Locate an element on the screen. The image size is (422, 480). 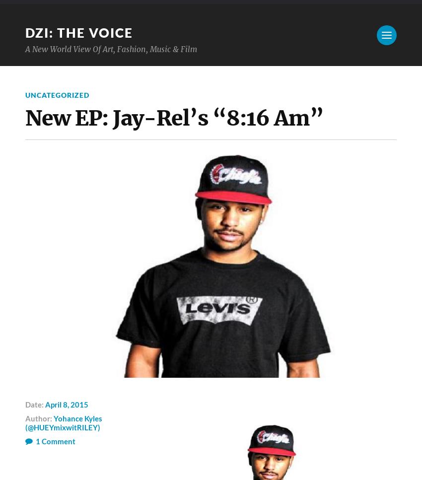
'New EP: Jay-Rel’s “8:16 Am”' is located at coordinates (174, 118).